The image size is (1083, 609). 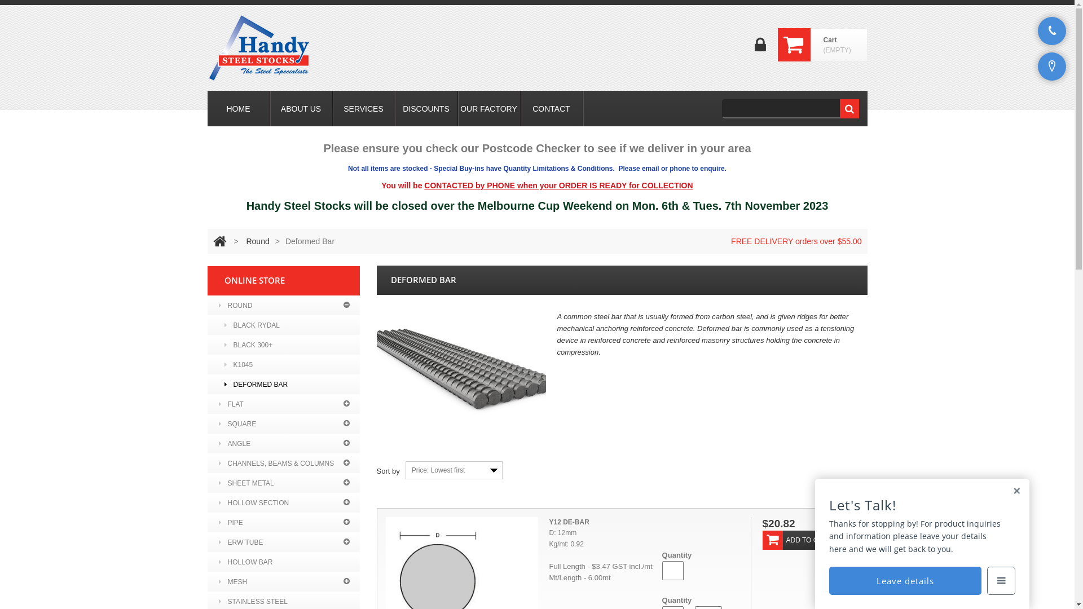 What do you see at coordinates (284, 383) in the screenshot?
I see `'DEFORMED BAR'` at bounding box center [284, 383].